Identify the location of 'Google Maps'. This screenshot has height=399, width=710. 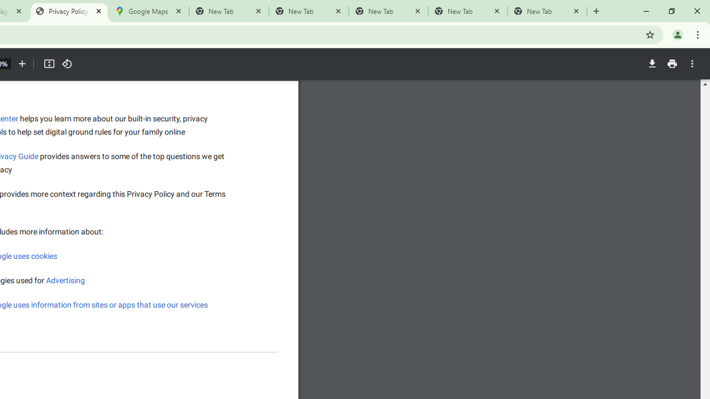
(148, 11).